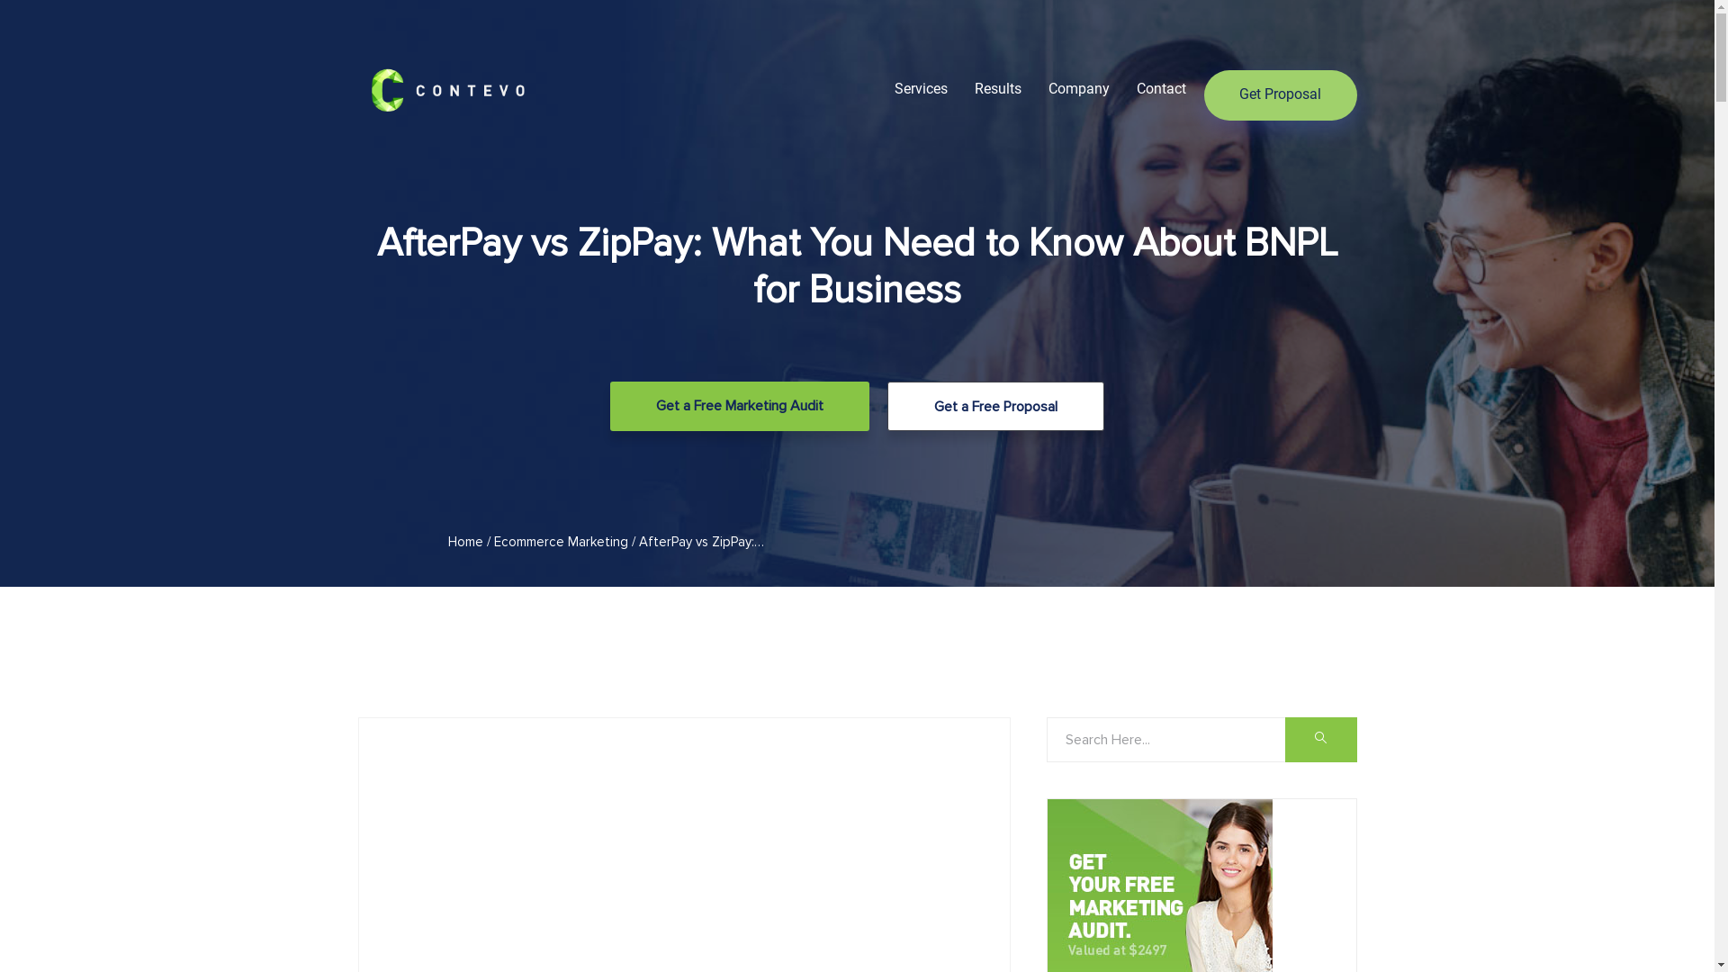 The height and width of the screenshot is (972, 1728). What do you see at coordinates (1135, 88) in the screenshot?
I see `'Contact'` at bounding box center [1135, 88].